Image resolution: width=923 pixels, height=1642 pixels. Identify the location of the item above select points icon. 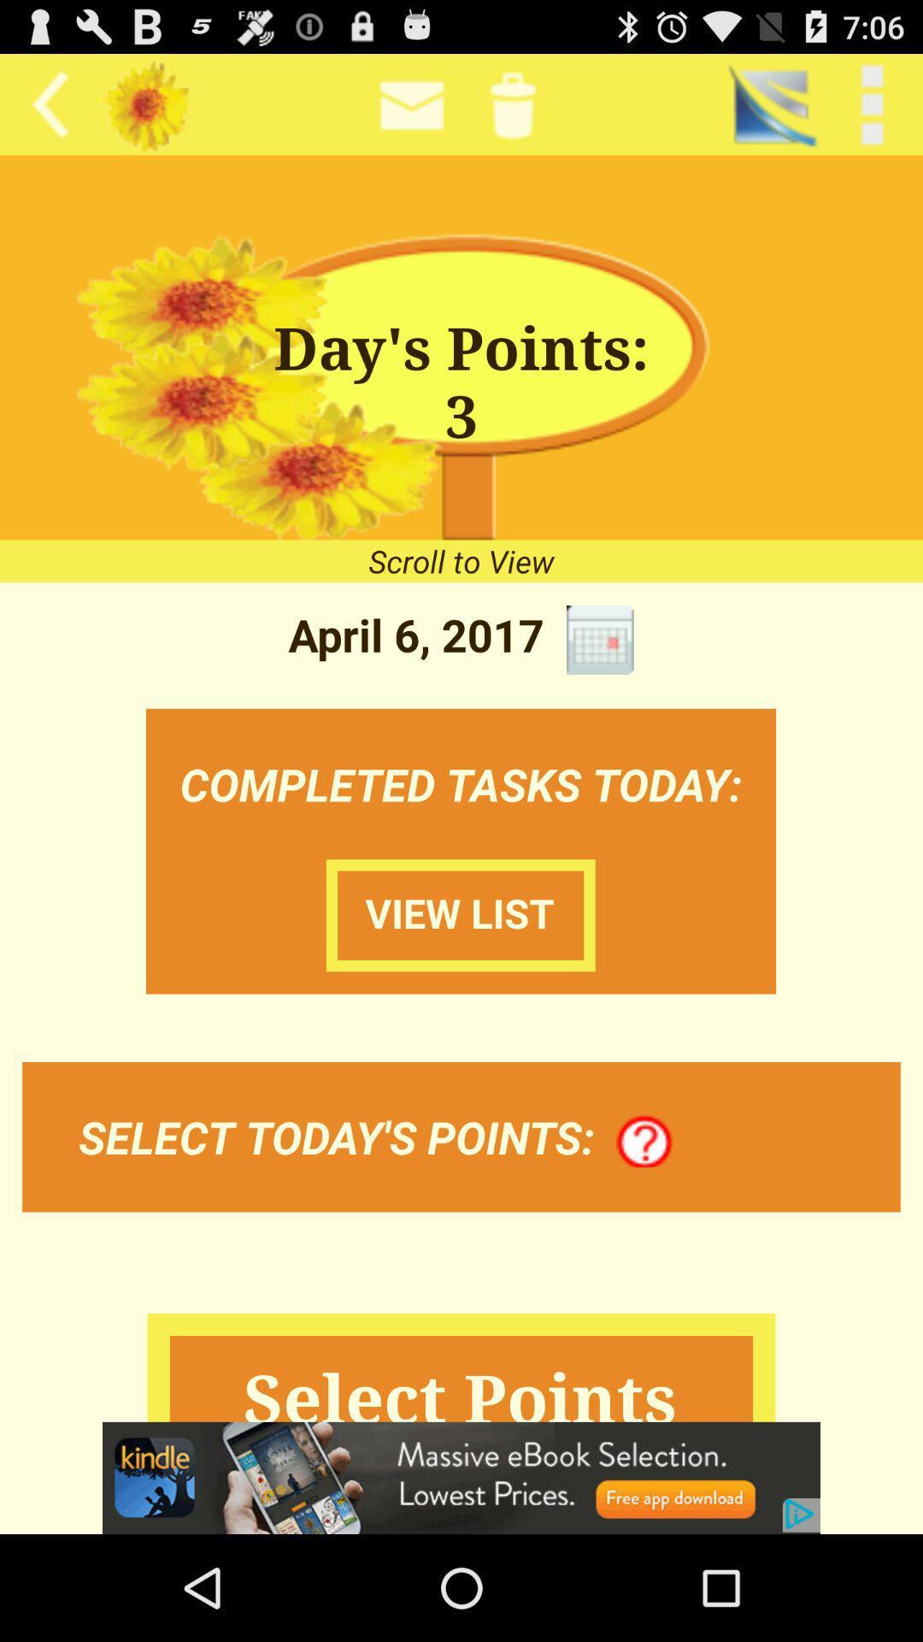
(644, 1142).